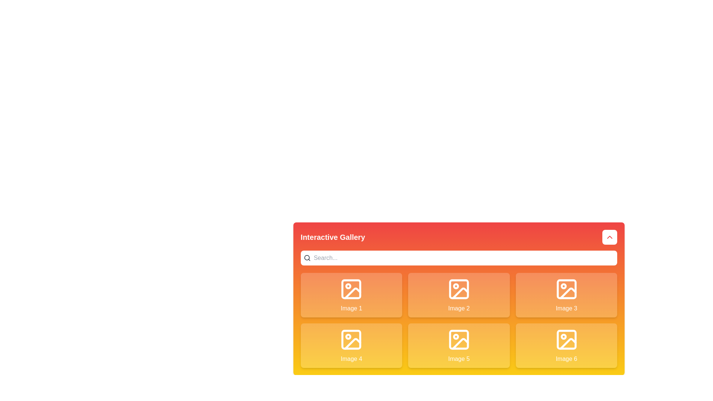  Describe the element at coordinates (566, 345) in the screenshot. I see `the sixth image card in the gallery interface by moving the cursor to its center point for interaction` at that location.